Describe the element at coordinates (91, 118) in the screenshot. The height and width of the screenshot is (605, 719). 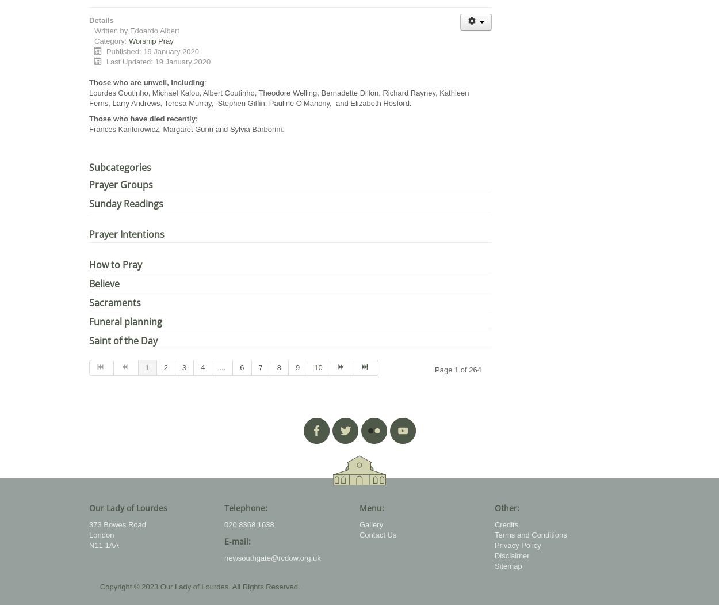
I see `'T'` at that location.